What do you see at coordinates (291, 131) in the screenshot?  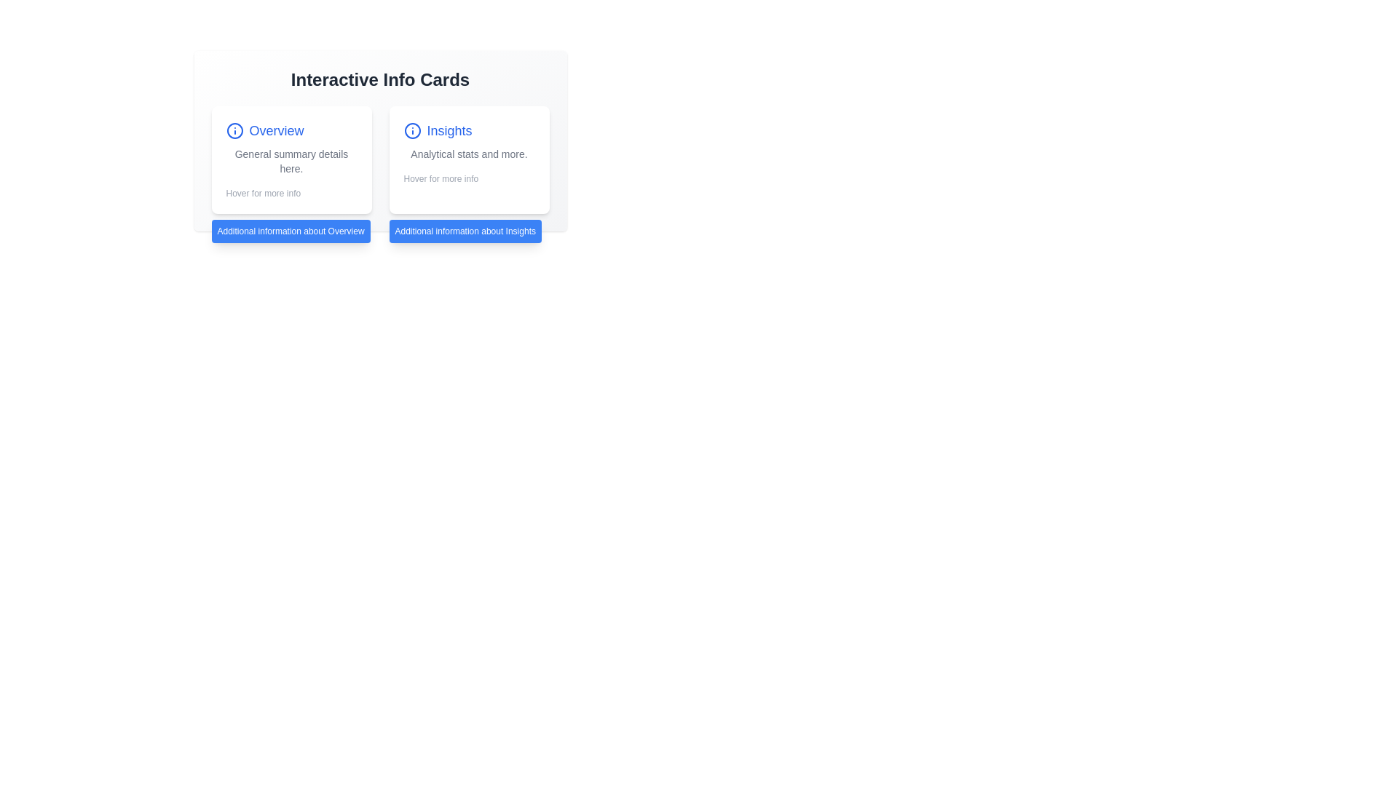 I see `the Text Label that serves as the title of the first info card under 'Interactive Info Cards', located at the top-left section of the card` at bounding box center [291, 131].